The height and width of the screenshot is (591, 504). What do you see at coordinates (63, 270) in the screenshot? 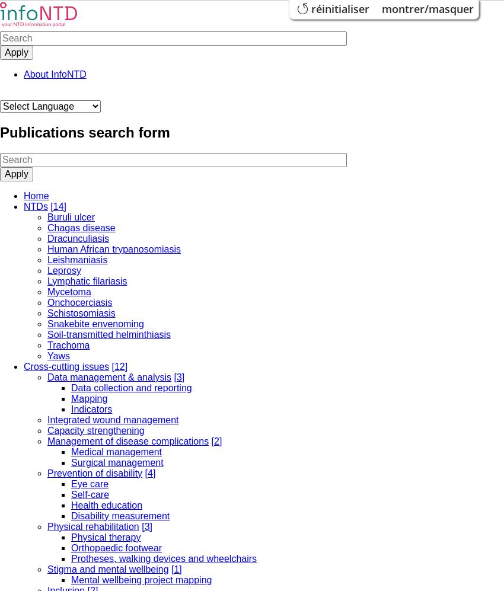
I see `'Leprosy'` at bounding box center [63, 270].